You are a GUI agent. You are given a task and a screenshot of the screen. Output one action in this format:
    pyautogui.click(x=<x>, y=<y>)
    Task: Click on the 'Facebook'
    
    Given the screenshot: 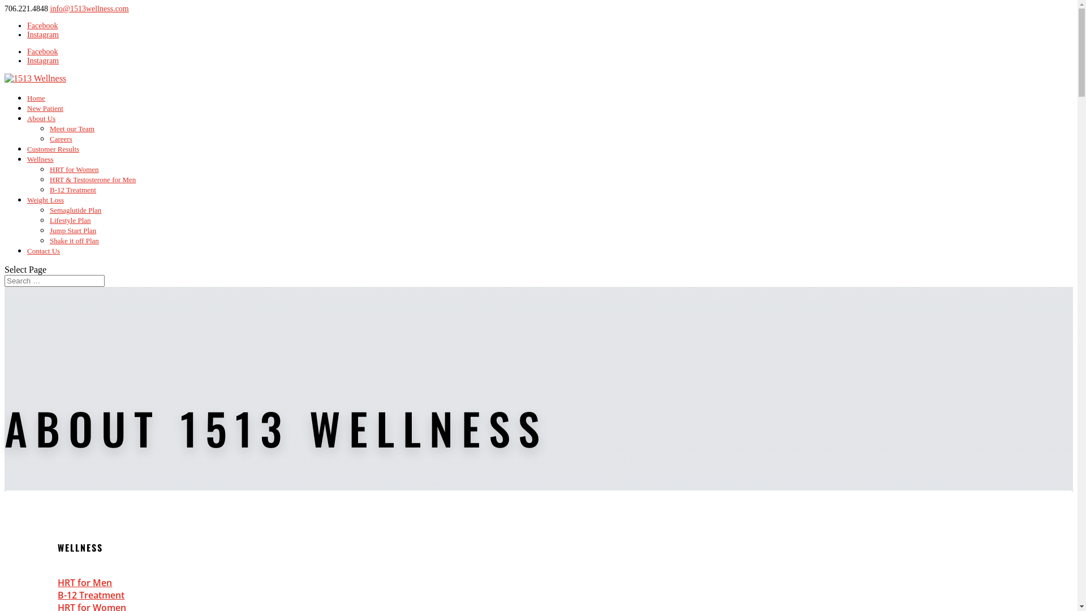 What is the action you would take?
    pyautogui.click(x=42, y=25)
    